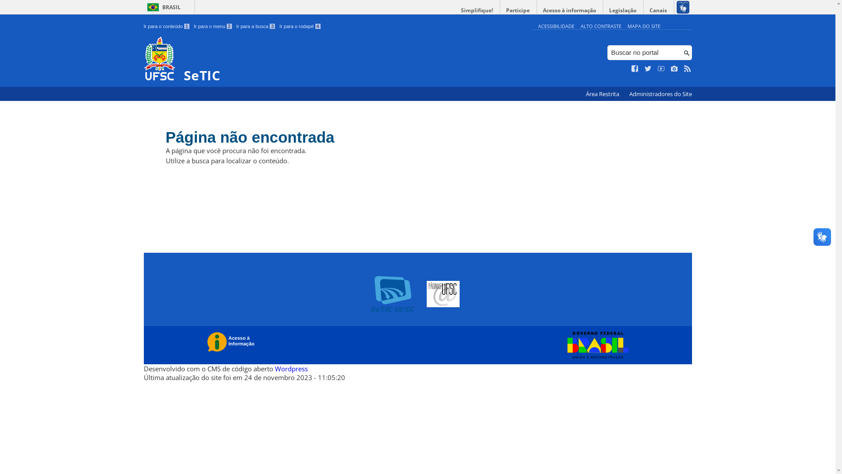 Image resolution: width=842 pixels, height=474 pixels. I want to click on 'MAPA DO SITE', so click(643, 25).